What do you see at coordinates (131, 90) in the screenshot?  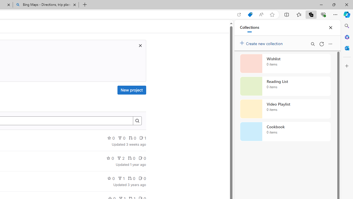 I see `'New project'` at bounding box center [131, 90].